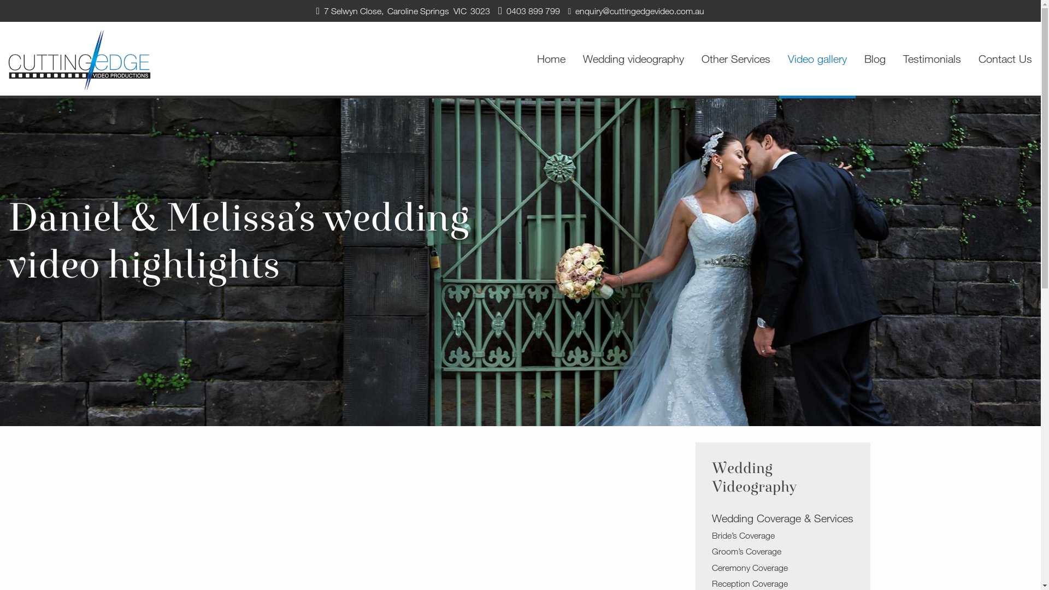  What do you see at coordinates (633, 60) in the screenshot?
I see `'Wedding videography'` at bounding box center [633, 60].